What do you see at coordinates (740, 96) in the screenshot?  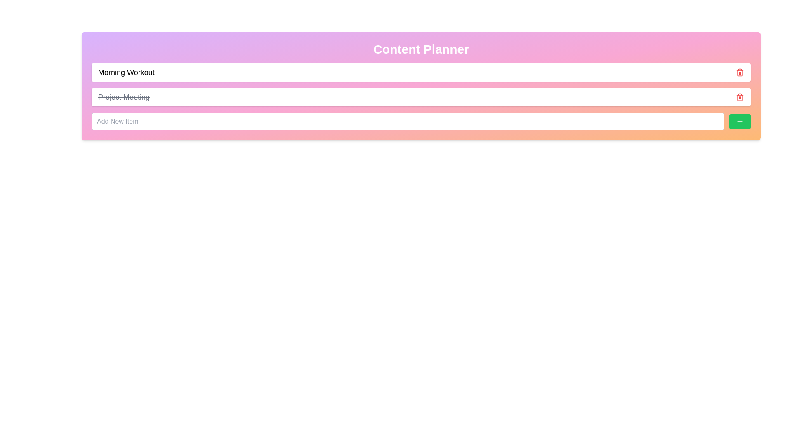 I see `the red trashcan icon located at the far right within the item row labeled 'Project Meeting'` at bounding box center [740, 96].